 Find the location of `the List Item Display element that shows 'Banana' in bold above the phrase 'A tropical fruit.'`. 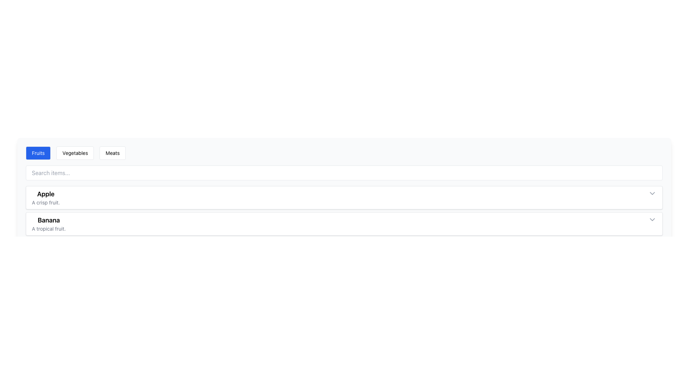

the List Item Display element that shows 'Banana' in bold above the phrase 'A tropical fruit.' is located at coordinates (48, 224).